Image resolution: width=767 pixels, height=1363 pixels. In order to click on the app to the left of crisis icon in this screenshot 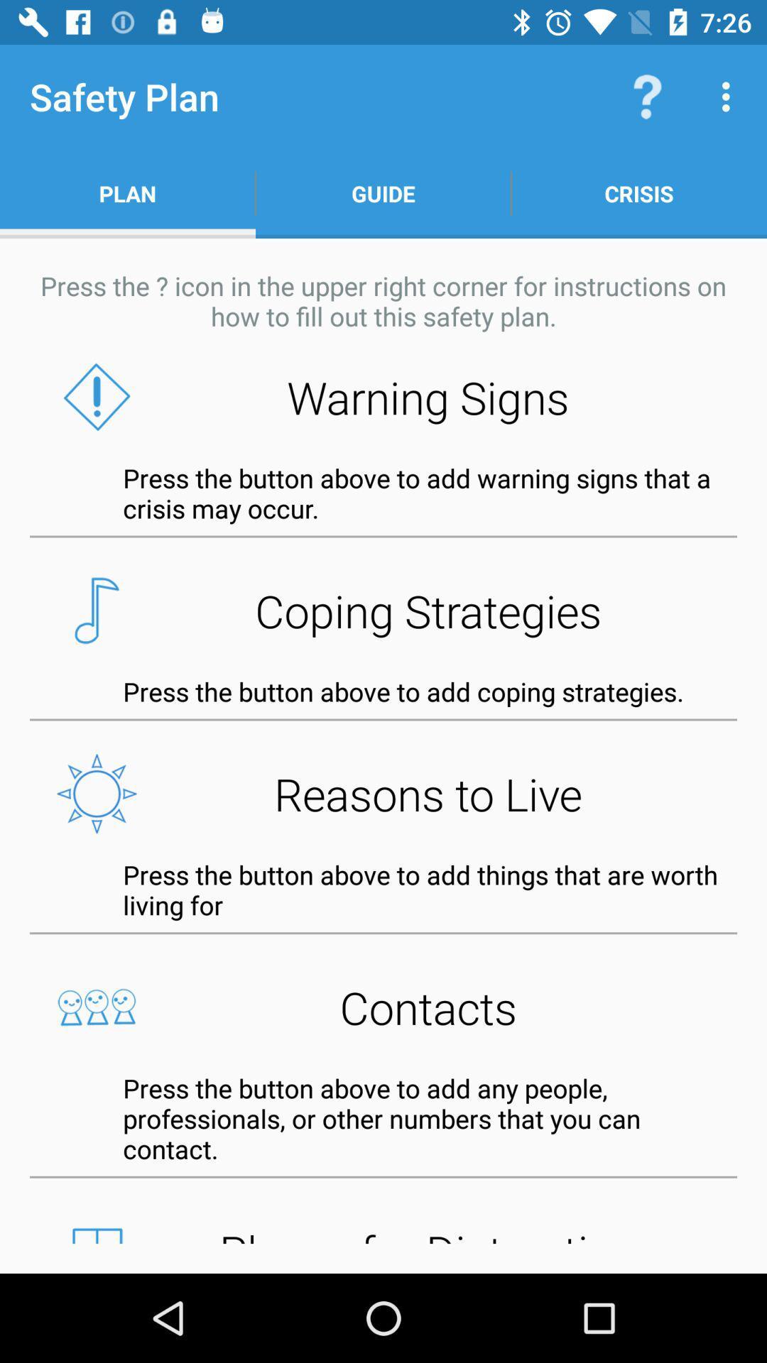, I will do `click(383, 193)`.